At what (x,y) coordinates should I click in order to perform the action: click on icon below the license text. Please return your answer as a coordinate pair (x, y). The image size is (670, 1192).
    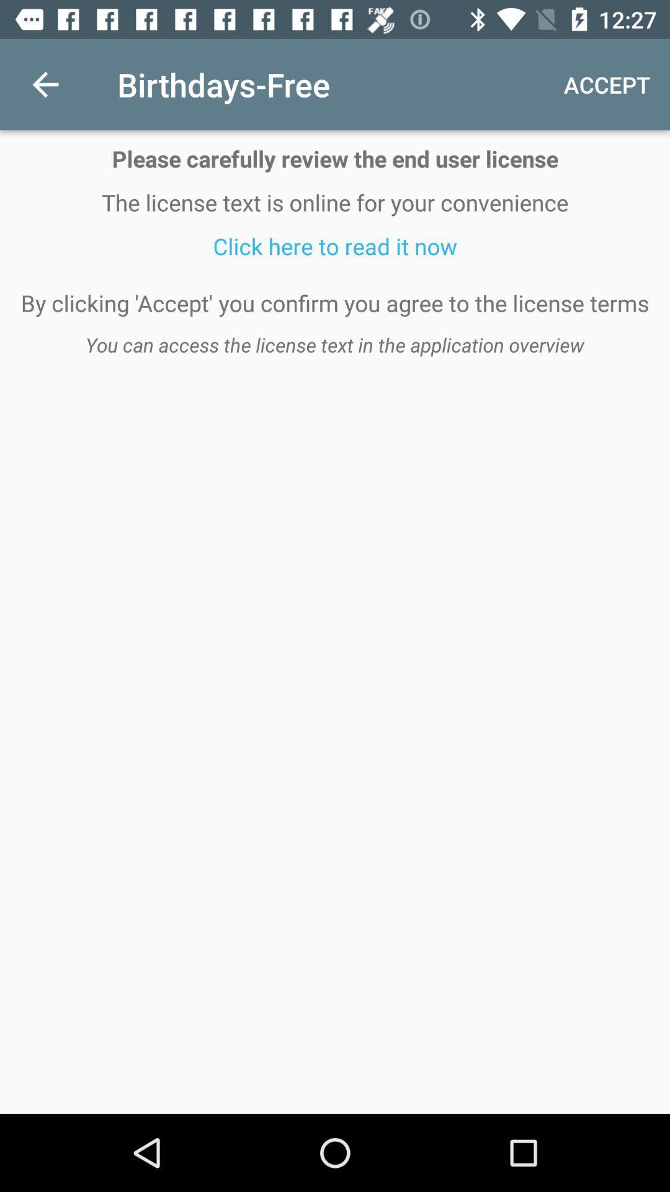
    Looking at the image, I should click on (335, 246).